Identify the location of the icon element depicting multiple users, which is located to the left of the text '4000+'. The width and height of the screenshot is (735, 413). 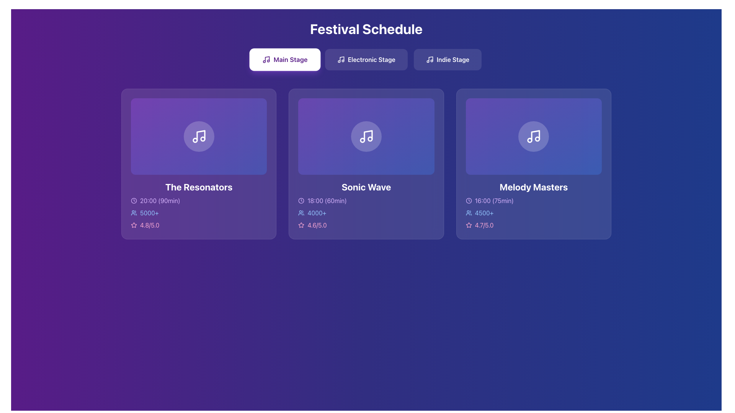
(301, 213).